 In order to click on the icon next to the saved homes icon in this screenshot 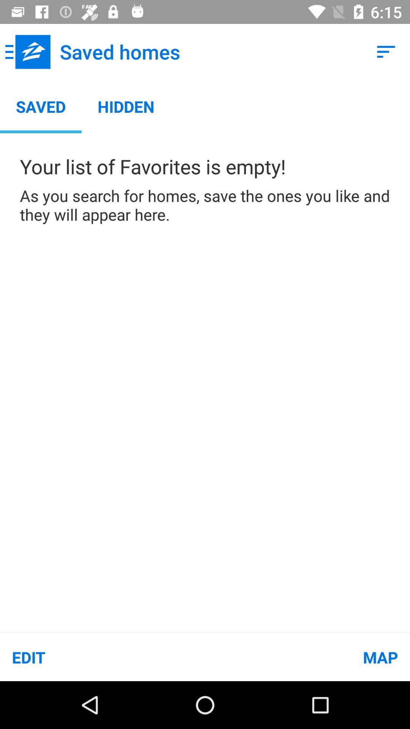, I will do `click(27, 51)`.